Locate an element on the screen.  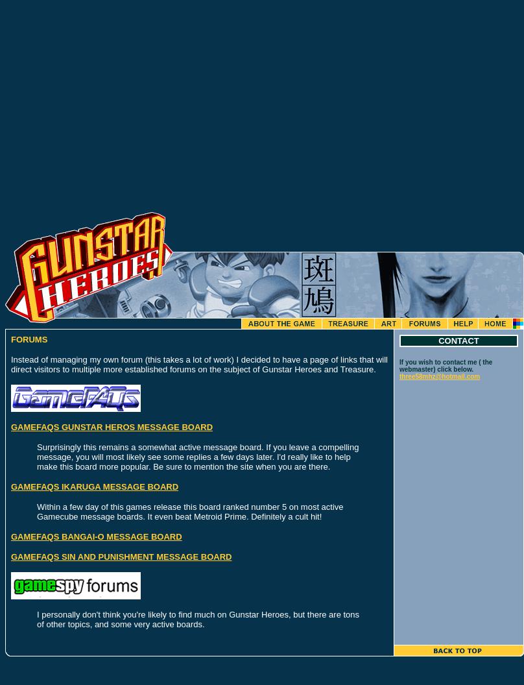
'I 
                      personally don't think you're likely to find much on Gunstar 
                      Heroes, but there are tons of other topics, and some very 
                      active boards.' is located at coordinates (197, 619).